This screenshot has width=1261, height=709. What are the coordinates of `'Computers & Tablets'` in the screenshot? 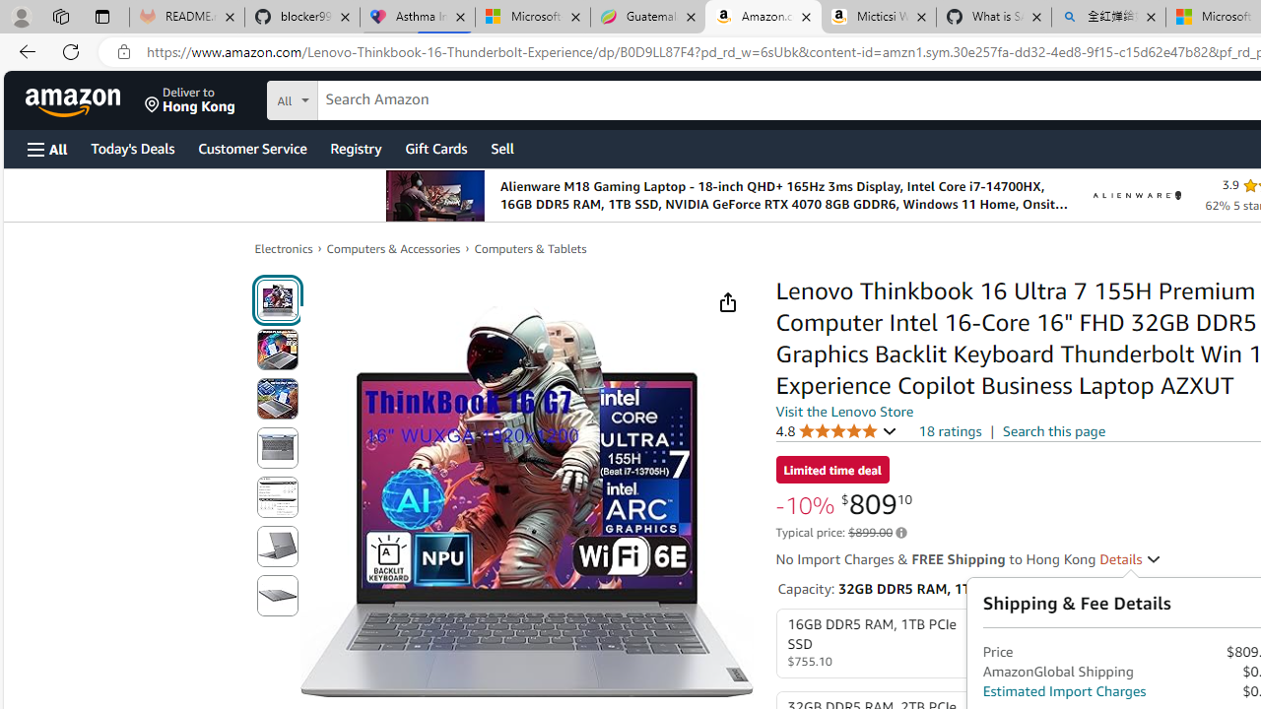 It's located at (530, 247).